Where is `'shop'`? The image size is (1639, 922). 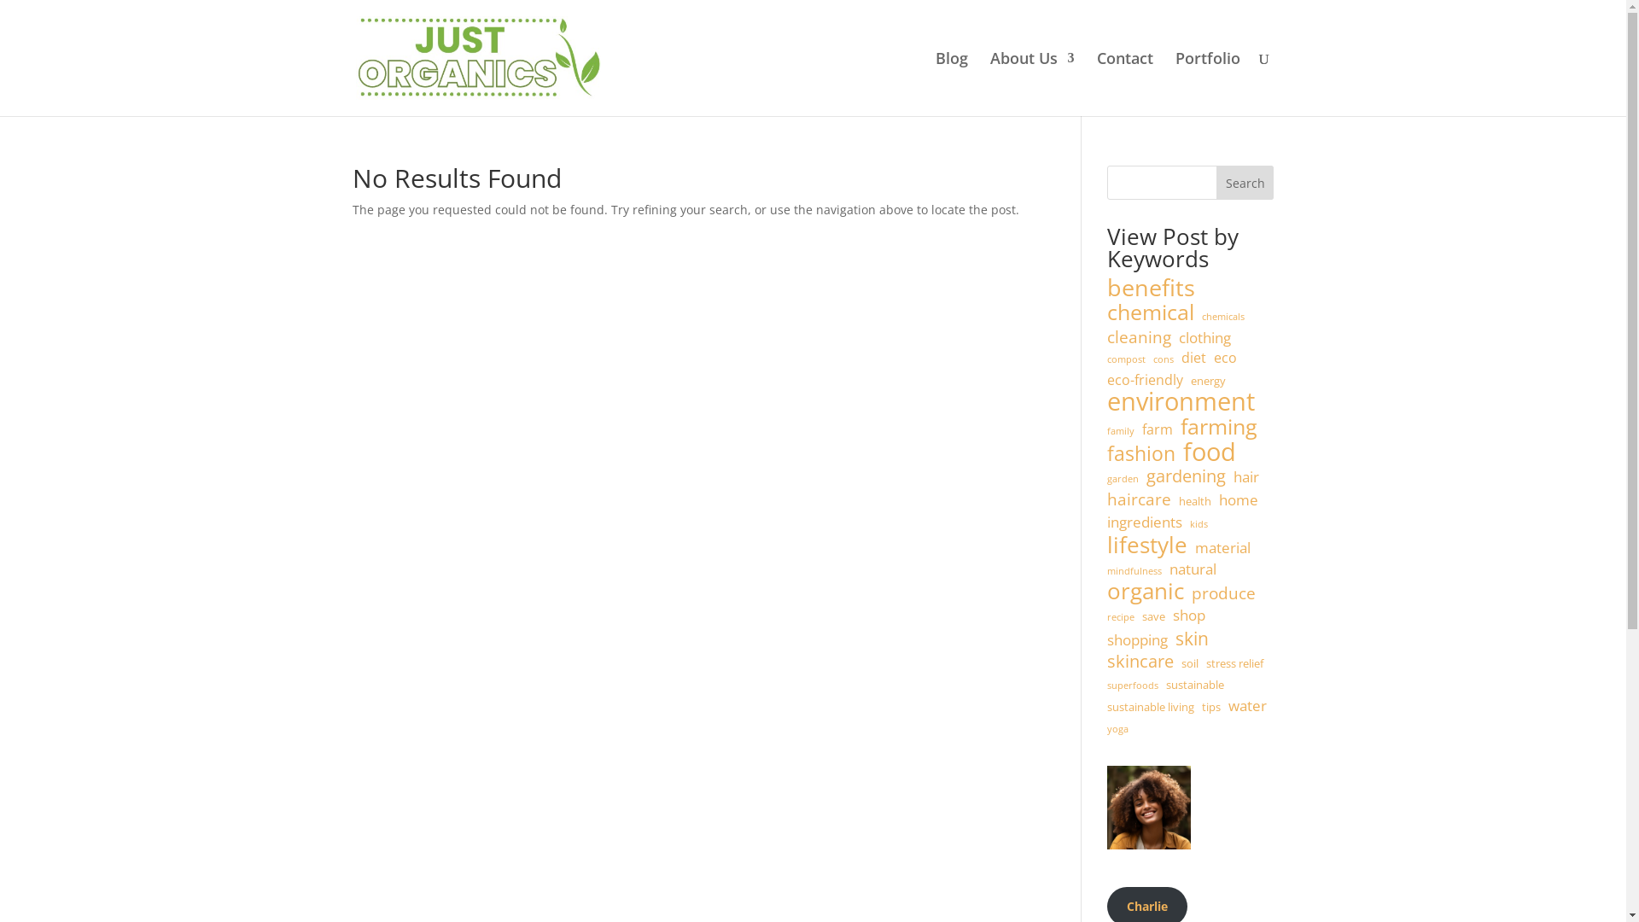
'shop' is located at coordinates (1187, 616).